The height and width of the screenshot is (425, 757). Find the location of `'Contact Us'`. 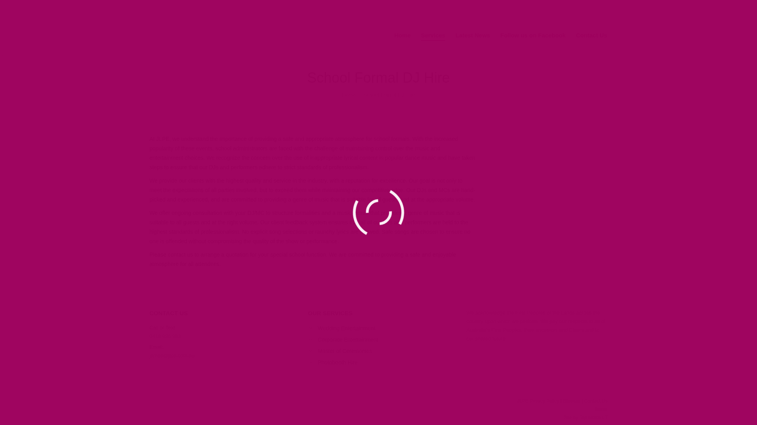

'Contact Us' is located at coordinates (591, 35).